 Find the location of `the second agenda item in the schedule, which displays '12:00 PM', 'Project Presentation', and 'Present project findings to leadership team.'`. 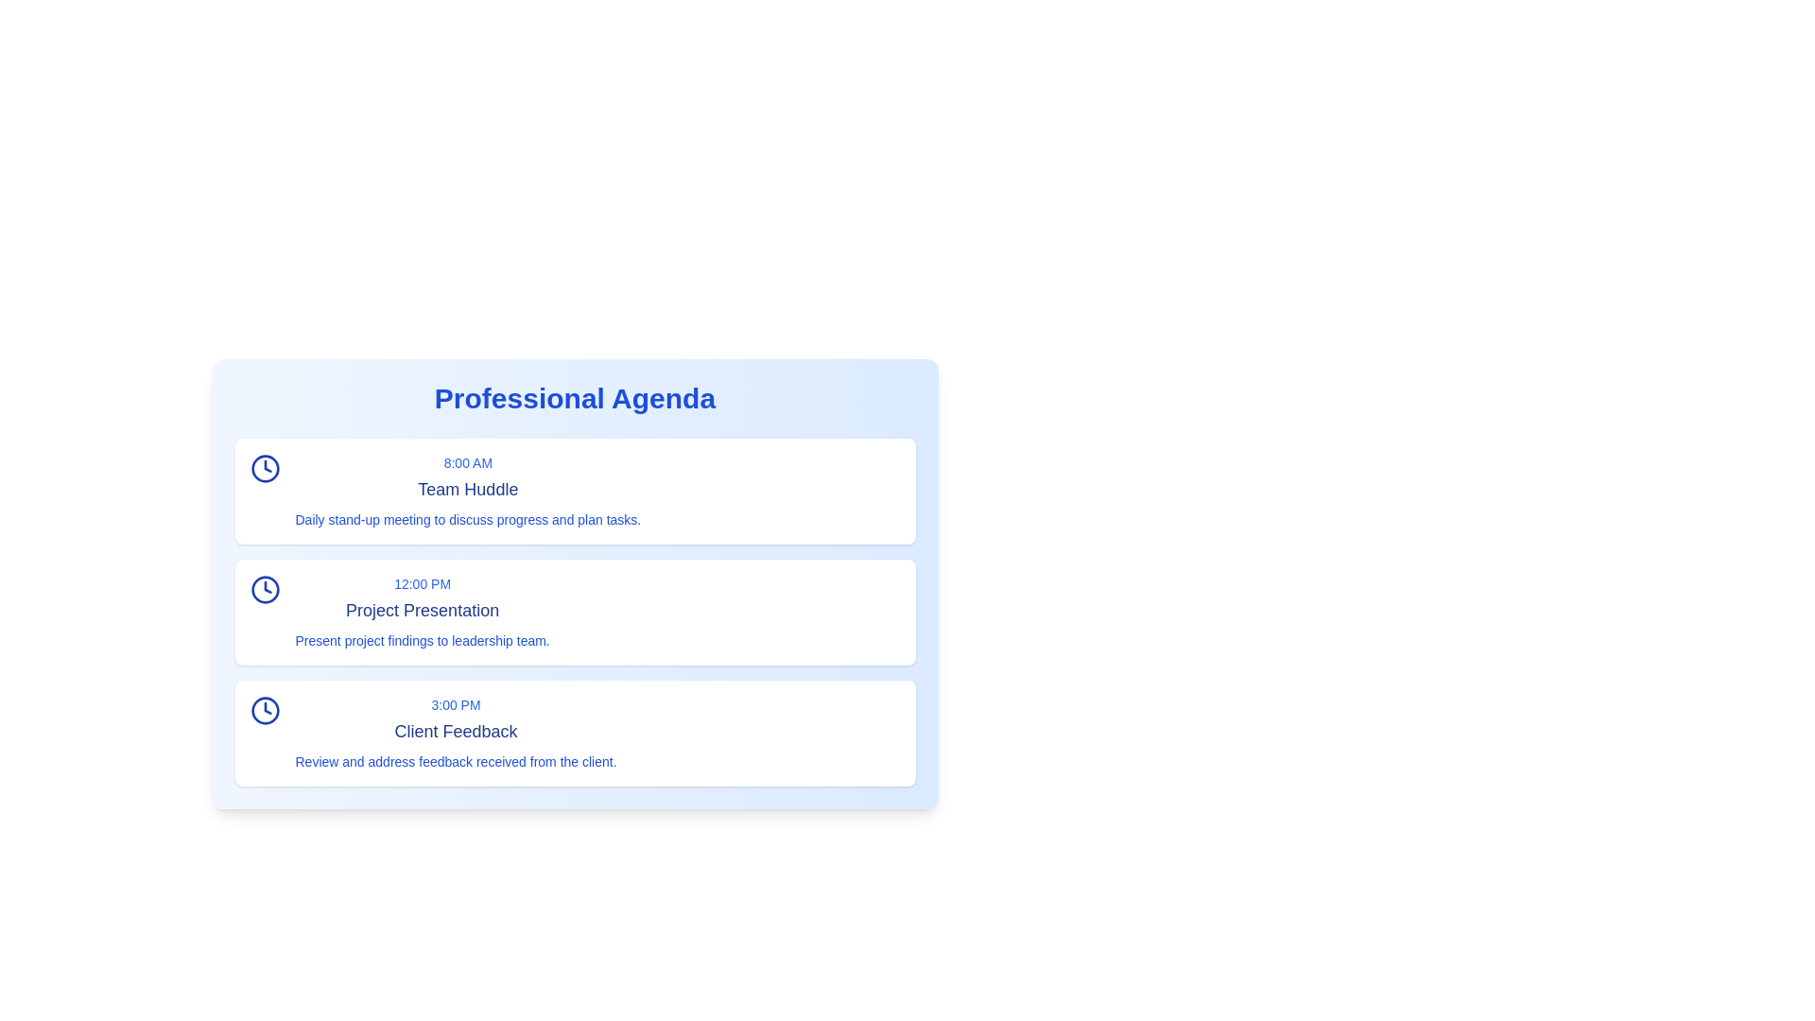

the second agenda item in the schedule, which displays '12:00 PM', 'Project Presentation', and 'Present project findings to leadership team.' is located at coordinates (422, 613).